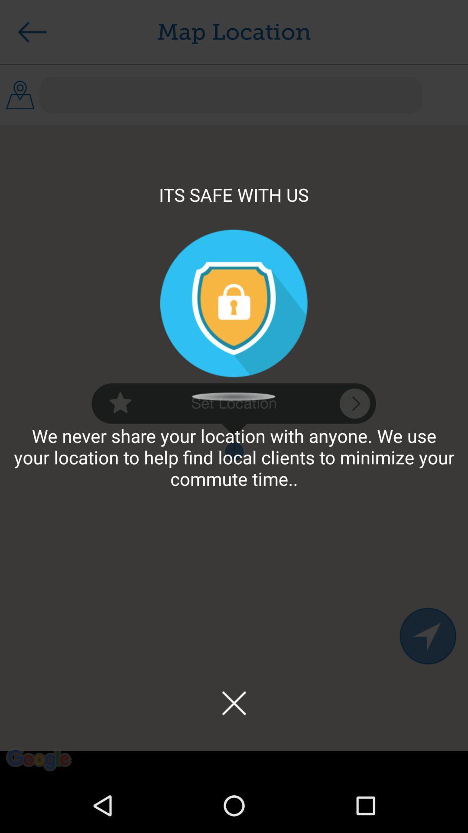 Image resolution: width=468 pixels, height=833 pixels. I want to click on the icon at the bottom, so click(234, 703).